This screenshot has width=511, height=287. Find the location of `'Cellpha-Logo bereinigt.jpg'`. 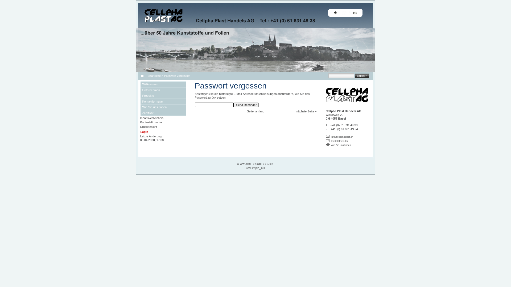

'Cellpha-Logo bereinigt.jpg' is located at coordinates (347, 95).